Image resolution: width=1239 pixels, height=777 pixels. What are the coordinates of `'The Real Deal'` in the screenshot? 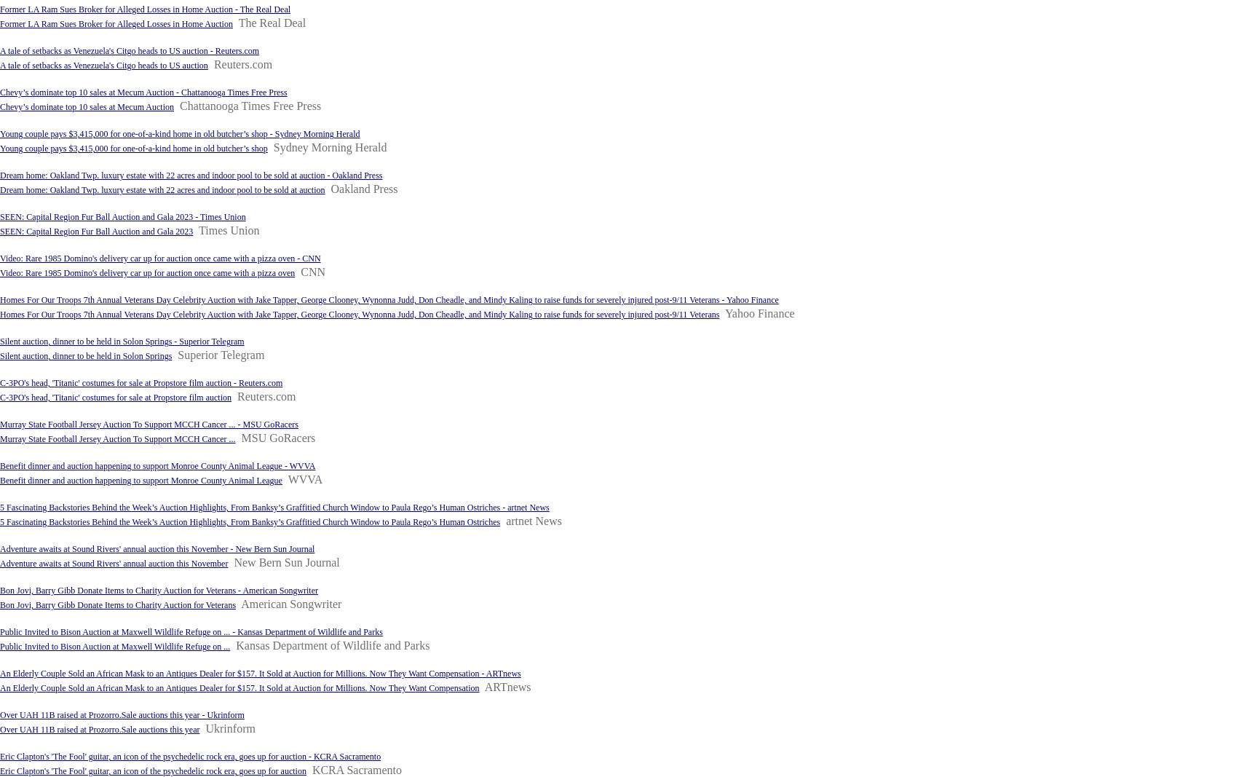 It's located at (272, 22).